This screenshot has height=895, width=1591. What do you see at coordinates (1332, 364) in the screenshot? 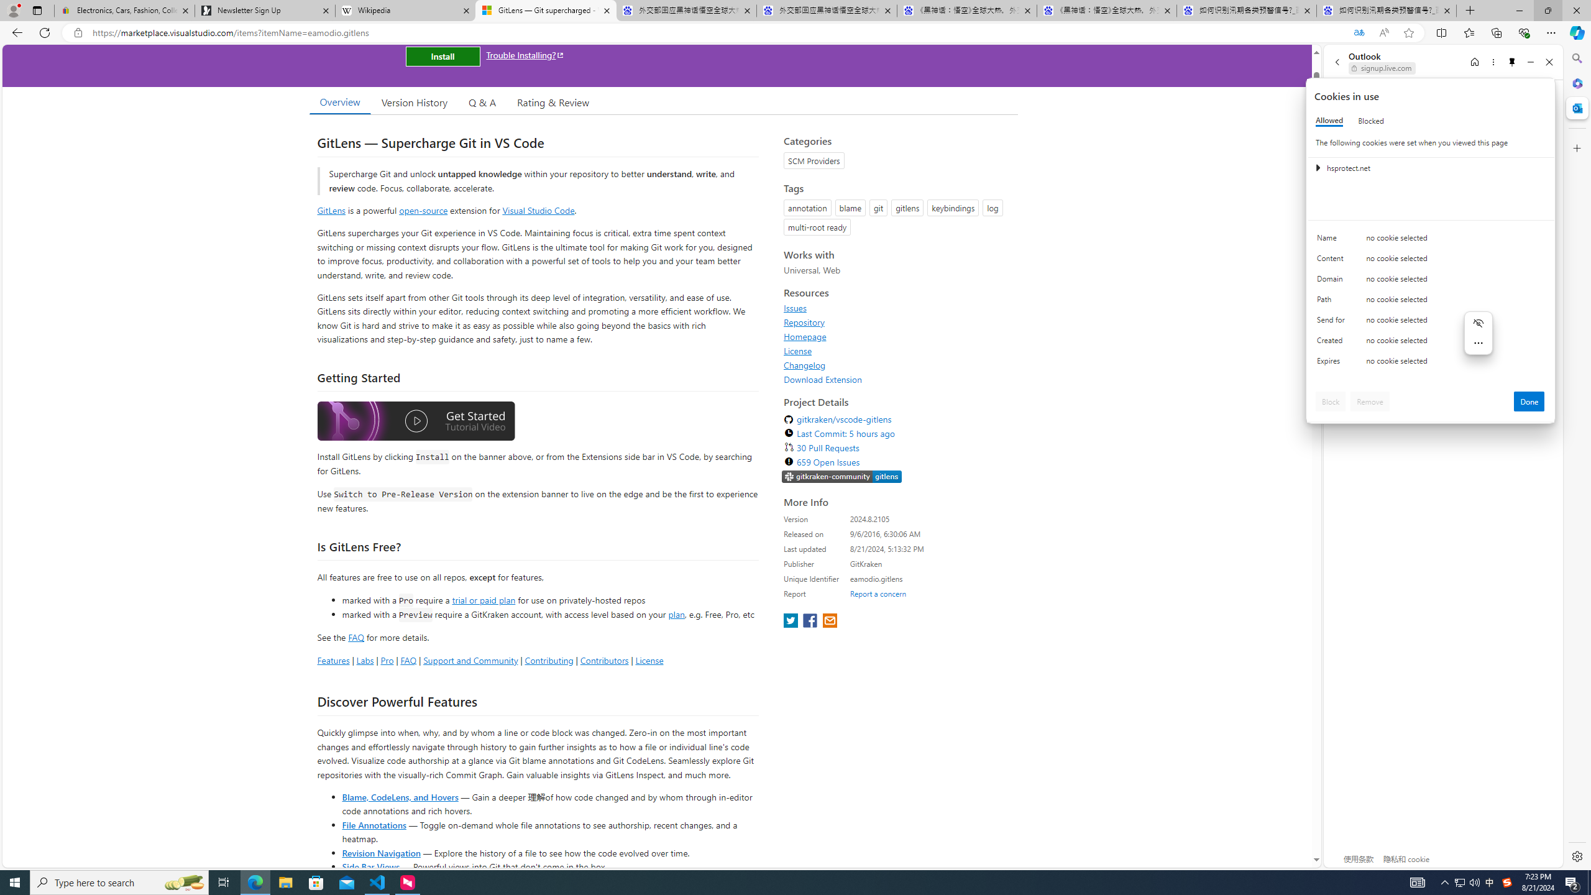
I see `'Expires'` at bounding box center [1332, 364].